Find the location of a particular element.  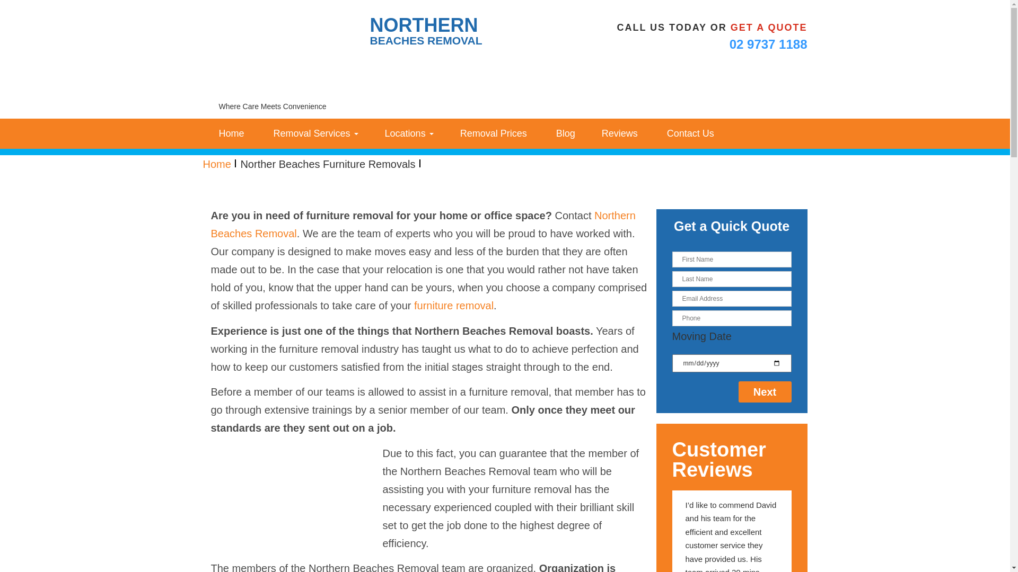

'Reviews' is located at coordinates (601, 133).